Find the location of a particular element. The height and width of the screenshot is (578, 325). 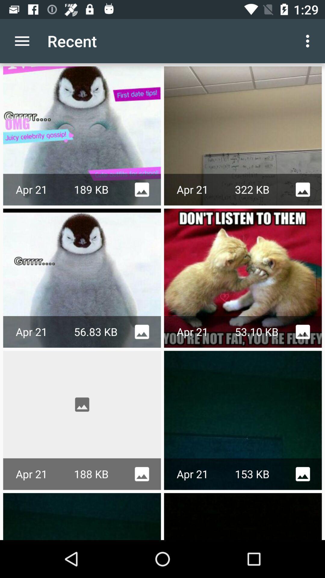

the app to the right of recent app is located at coordinates (309, 41).